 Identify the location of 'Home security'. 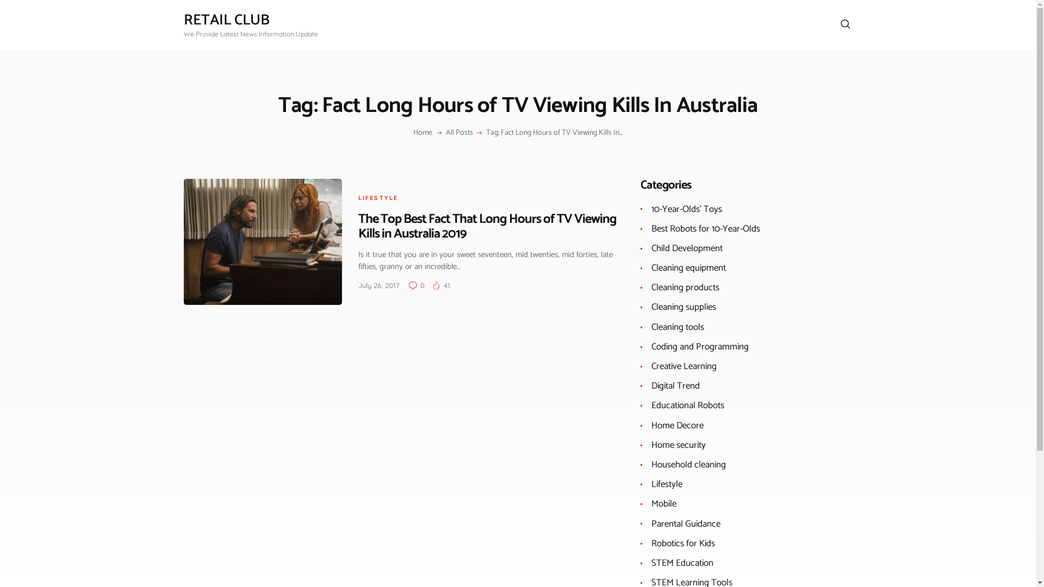
(678, 445).